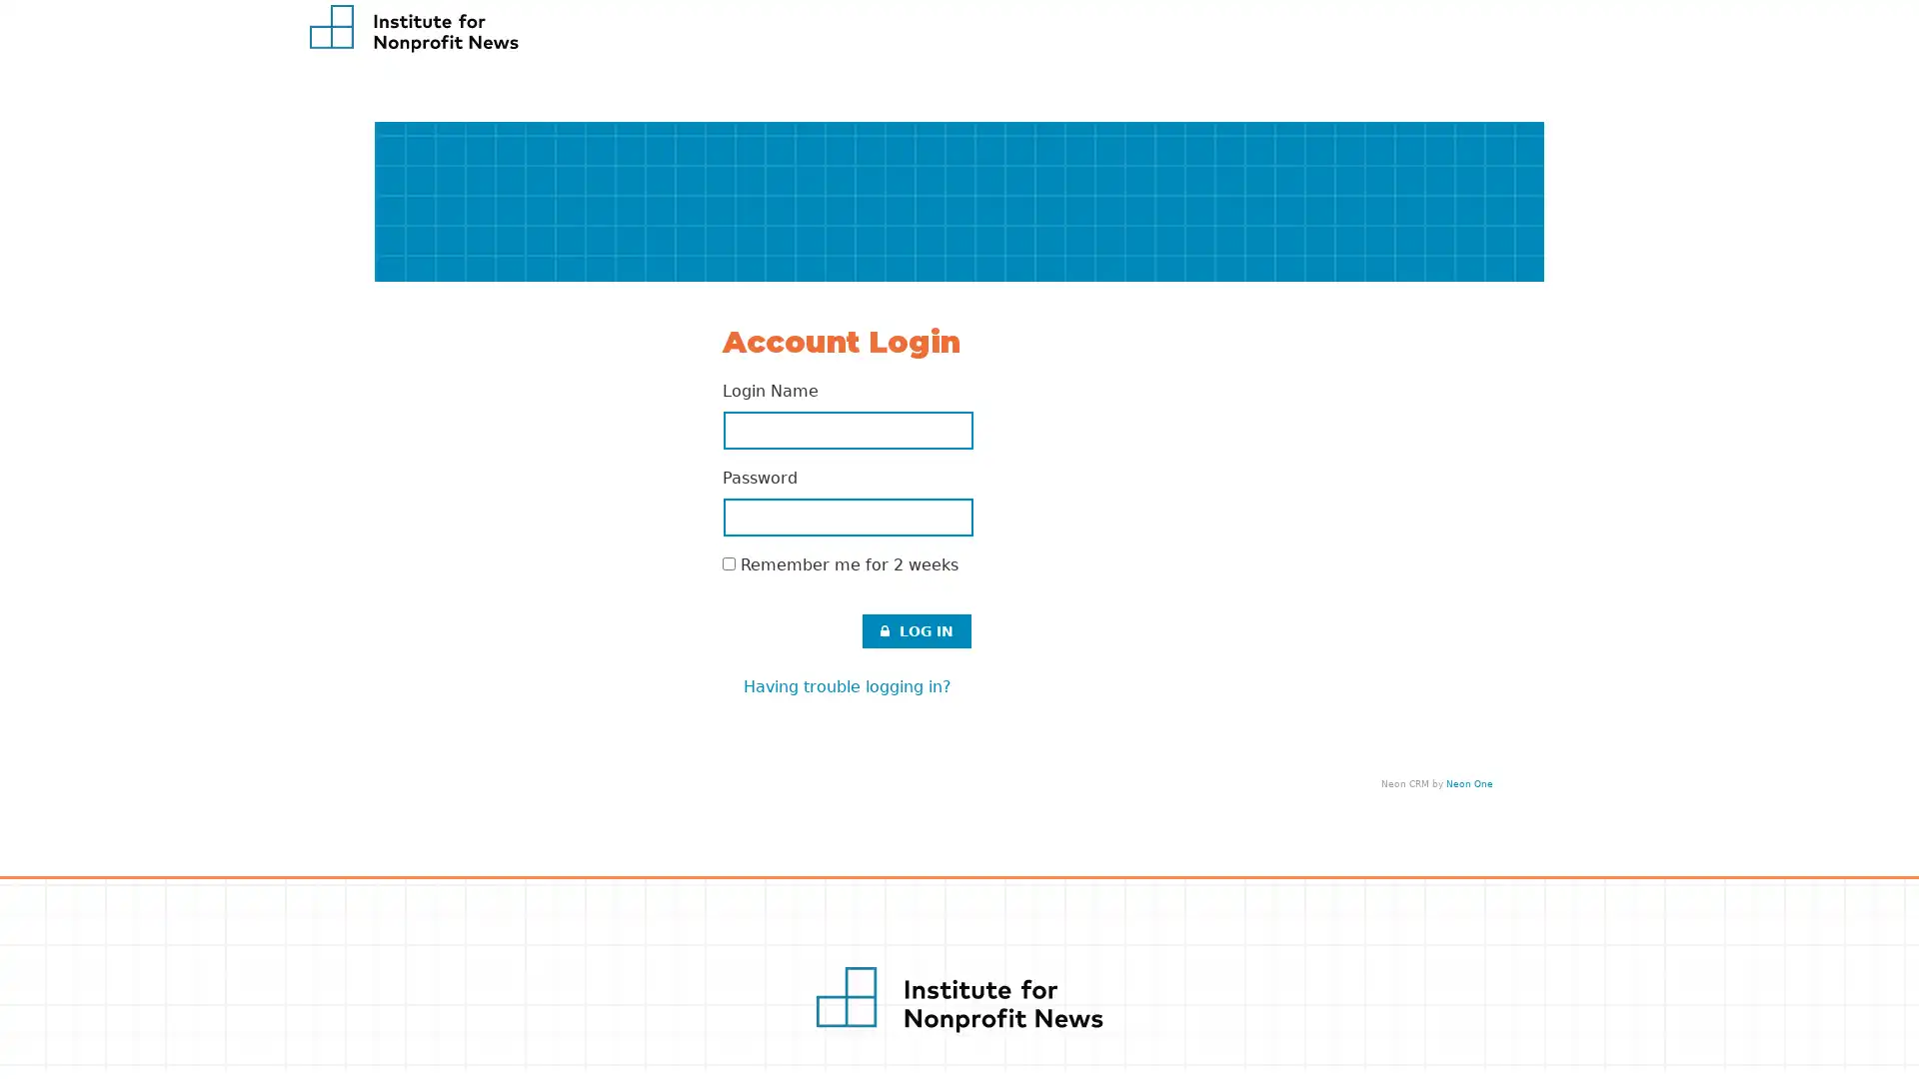 This screenshot has width=1919, height=1079. I want to click on LOG IN ., so click(915, 649).